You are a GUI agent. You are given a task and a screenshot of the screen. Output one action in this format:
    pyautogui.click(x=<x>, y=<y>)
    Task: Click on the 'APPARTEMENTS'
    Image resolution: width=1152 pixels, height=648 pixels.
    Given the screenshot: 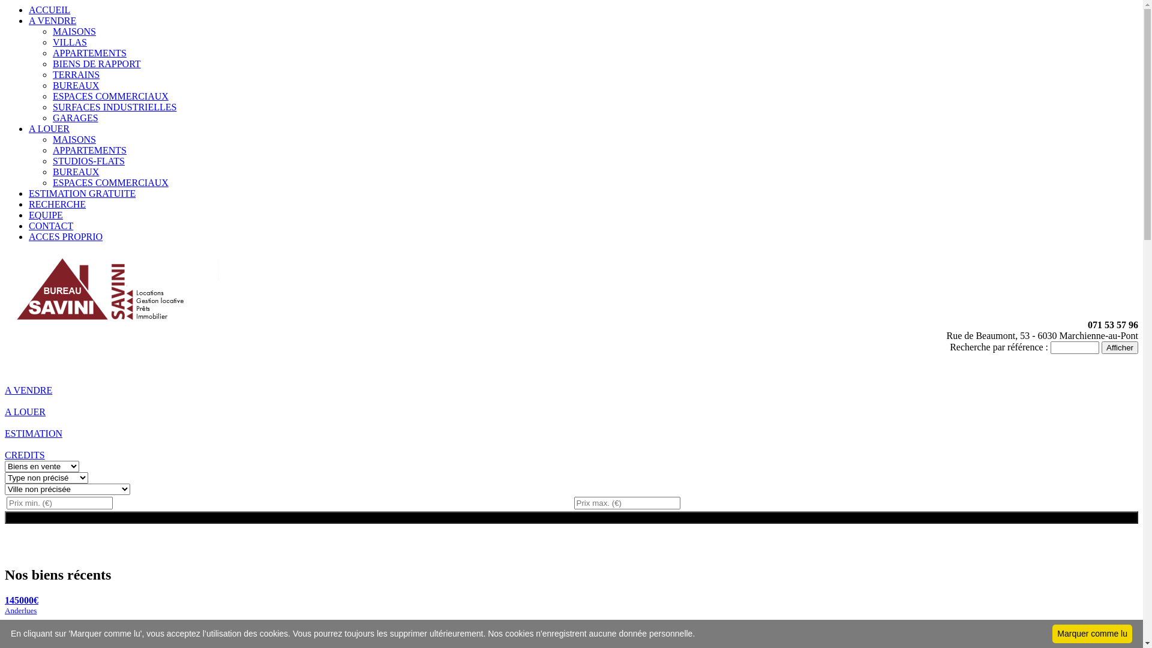 What is the action you would take?
    pyautogui.click(x=89, y=52)
    